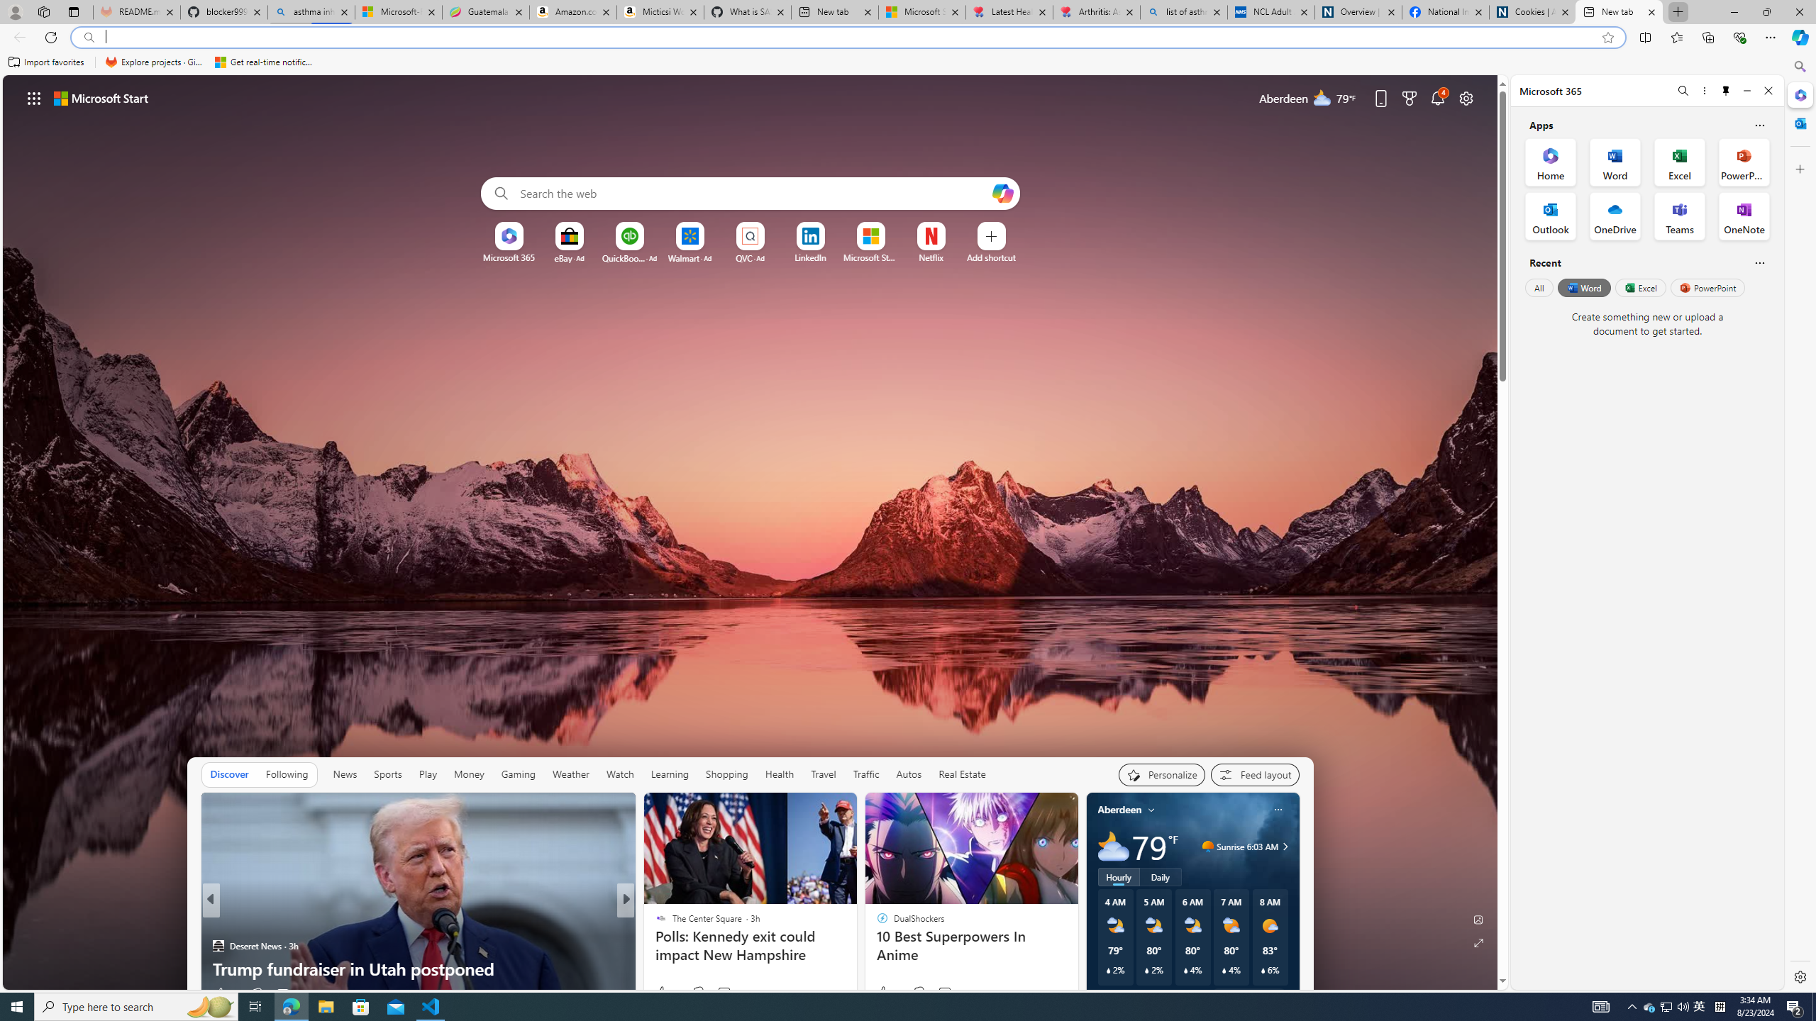 This screenshot has height=1021, width=1816. Describe the element at coordinates (1759, 262) in the screenshot. I see `'Is this helpful?'` at that location.